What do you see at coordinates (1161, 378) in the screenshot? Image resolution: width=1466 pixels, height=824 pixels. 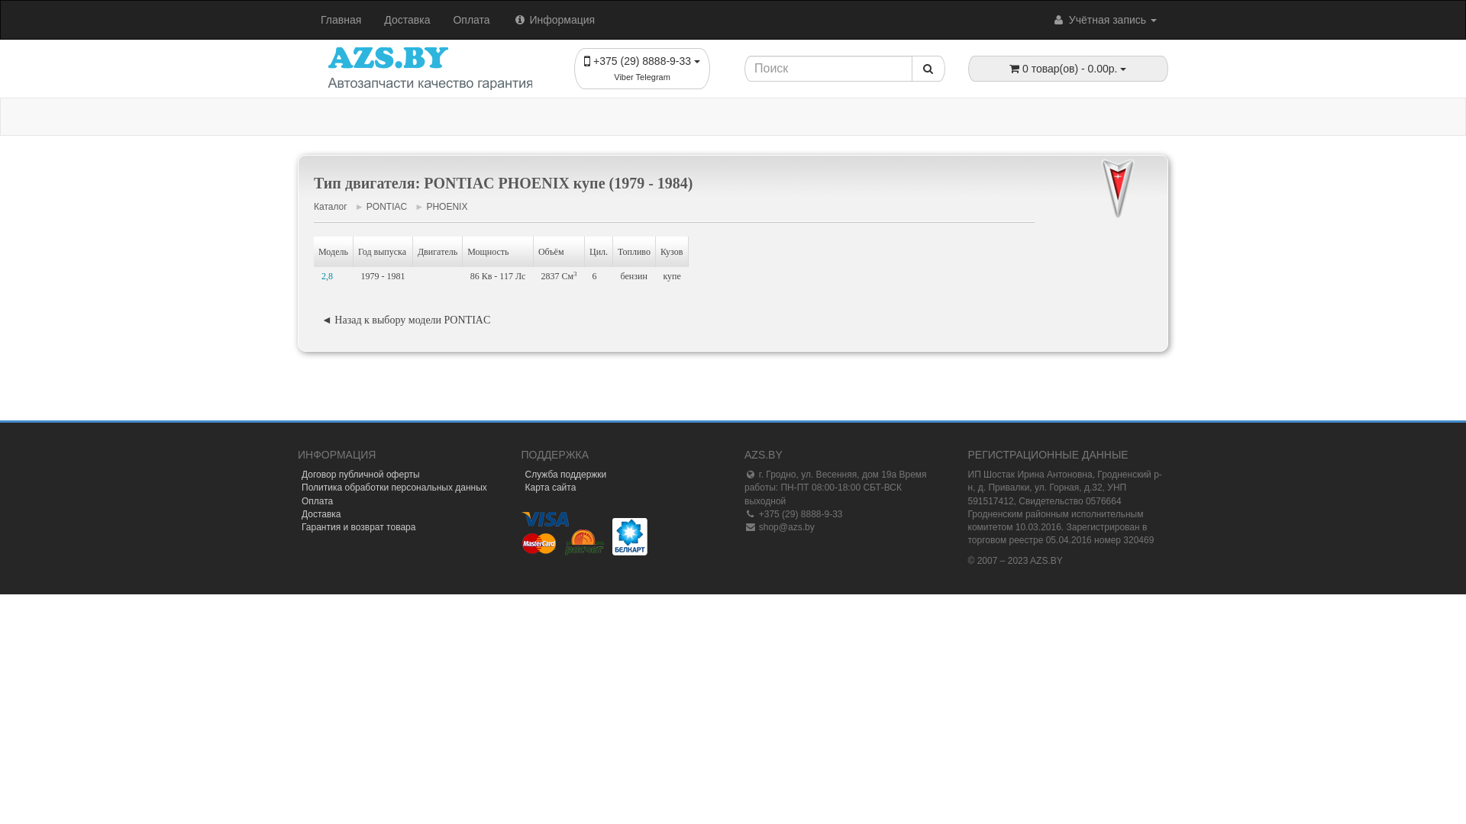 I see `'3001'` at bounding box center [1161, 378].